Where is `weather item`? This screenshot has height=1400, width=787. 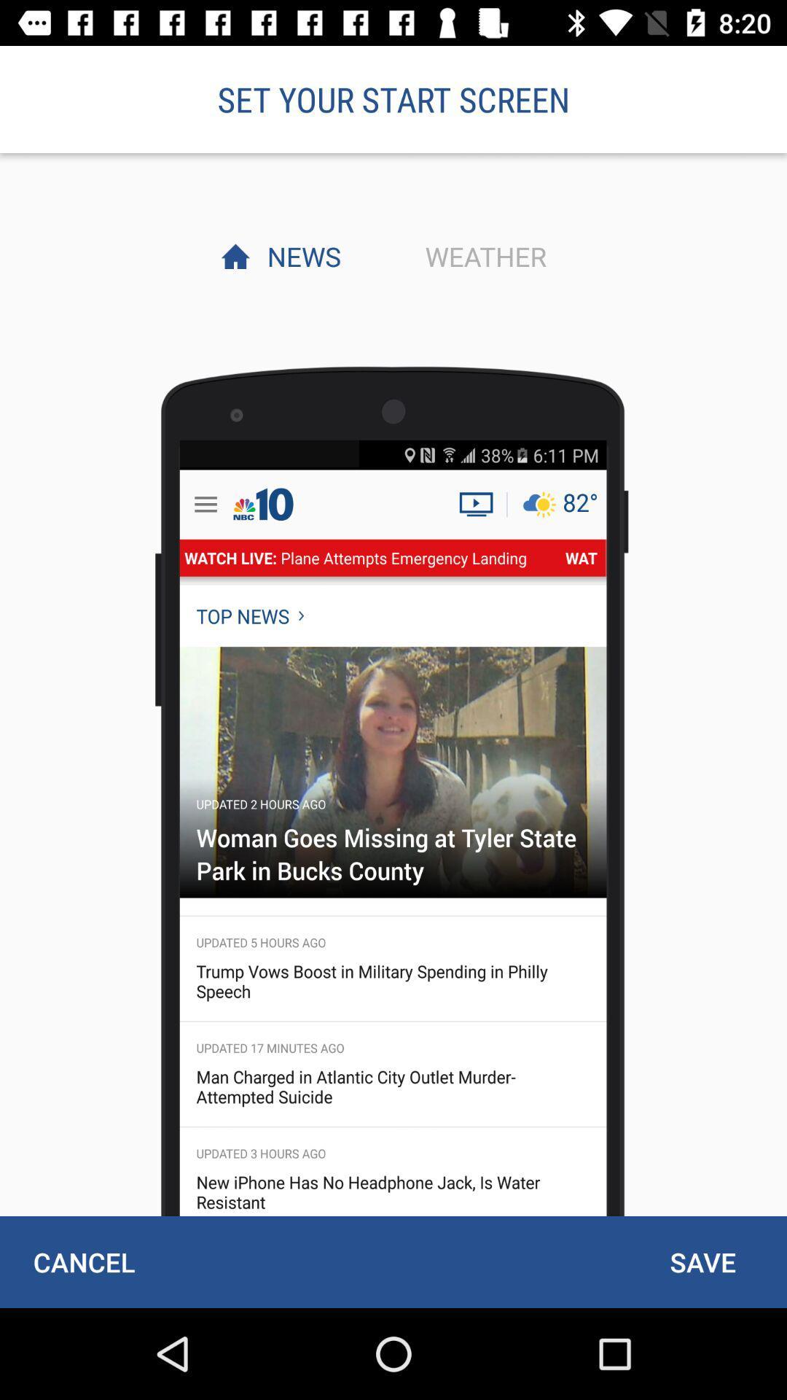
weather item is located at coordinates (482, 256).